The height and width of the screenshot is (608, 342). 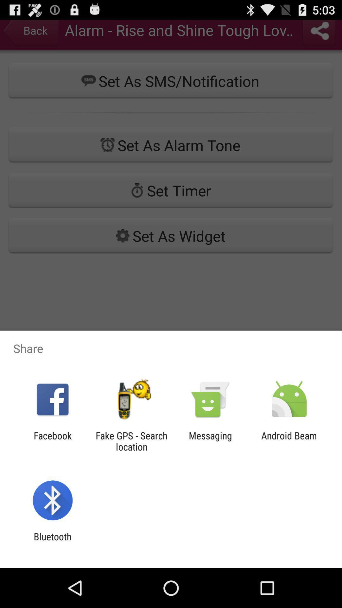 I want to click on the app next to fake gps search icon, so click(x=210, y=441).